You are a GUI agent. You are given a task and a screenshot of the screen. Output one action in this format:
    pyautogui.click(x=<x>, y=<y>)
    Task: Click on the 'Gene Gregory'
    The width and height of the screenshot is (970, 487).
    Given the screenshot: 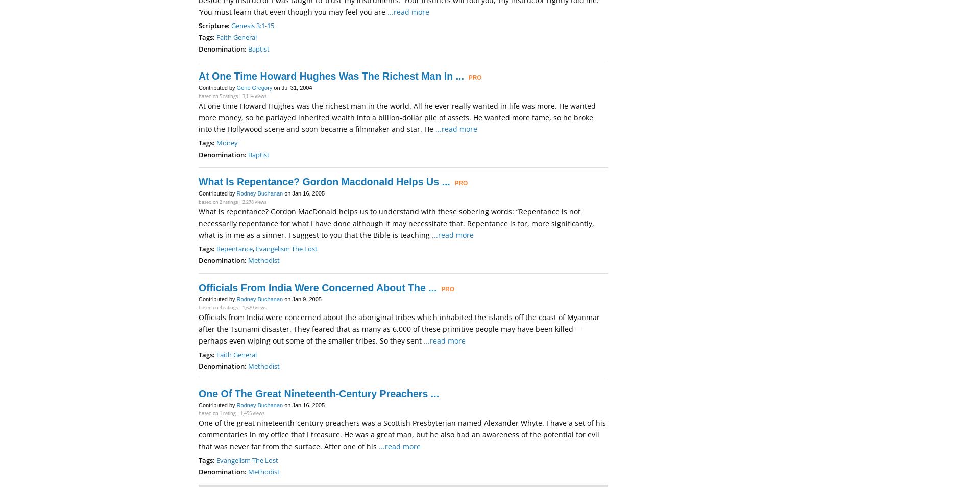 What is the action you would take?
    pyautogui.click(x=254, y=87)
    